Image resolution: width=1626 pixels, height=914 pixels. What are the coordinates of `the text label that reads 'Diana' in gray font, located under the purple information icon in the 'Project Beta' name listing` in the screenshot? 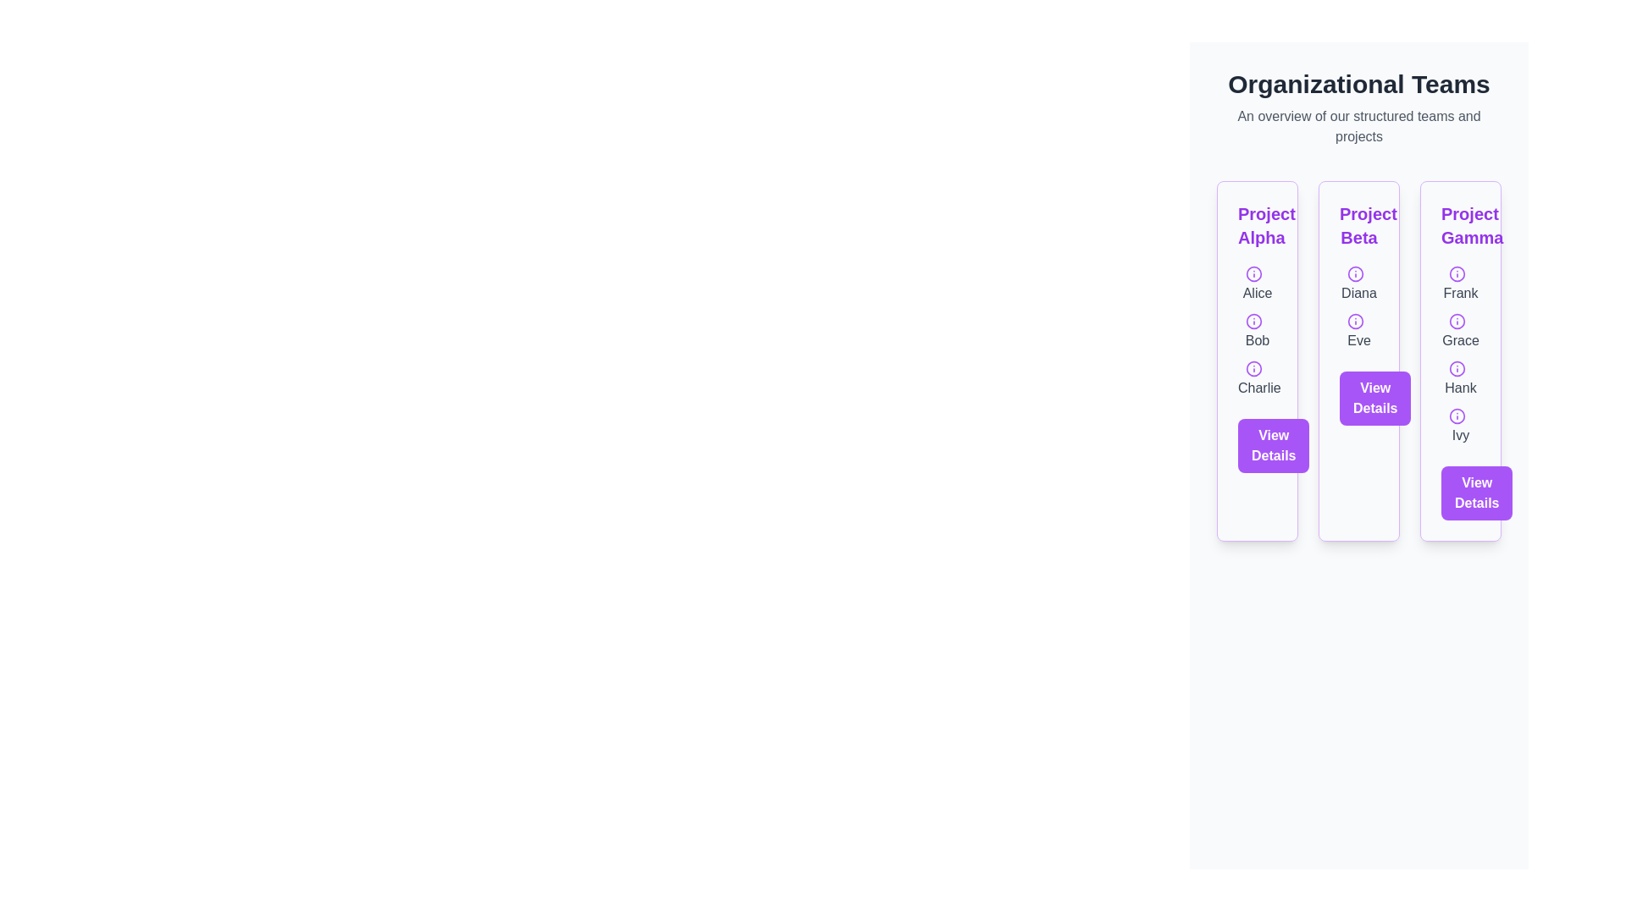 It's located at (1358, 283).